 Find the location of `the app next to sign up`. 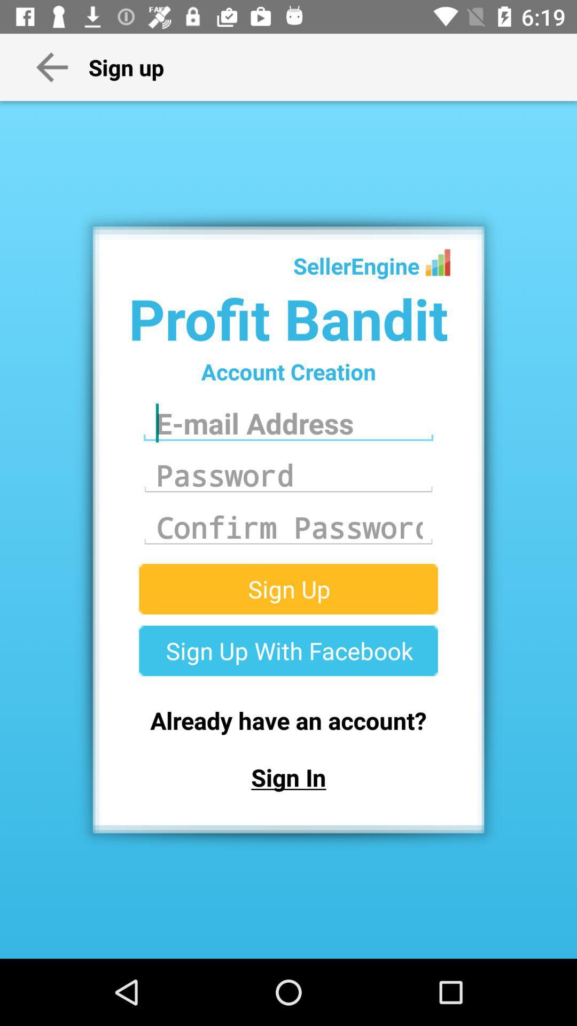

the app next to sign up is located at coordinates (52, 66).